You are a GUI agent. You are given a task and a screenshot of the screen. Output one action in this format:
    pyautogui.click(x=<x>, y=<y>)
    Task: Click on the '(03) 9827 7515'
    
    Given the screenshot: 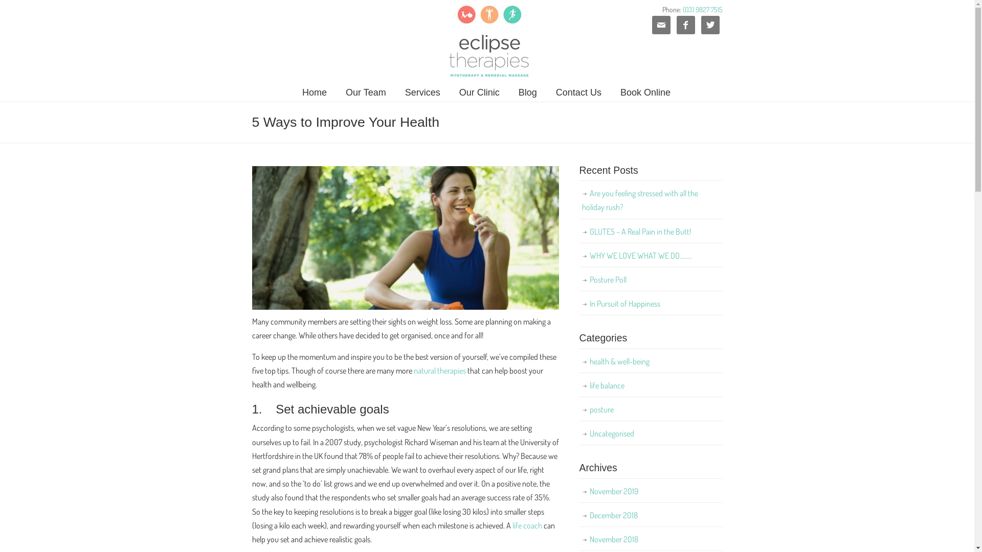 What is the action you would take?
    pyautogui.click(x=701, y=9)
    